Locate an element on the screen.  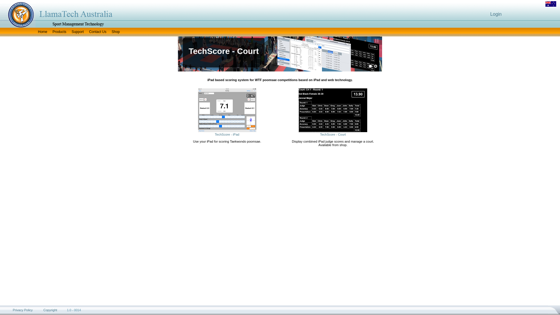
'Privacy Policy' is located at coordinates (13, 310).